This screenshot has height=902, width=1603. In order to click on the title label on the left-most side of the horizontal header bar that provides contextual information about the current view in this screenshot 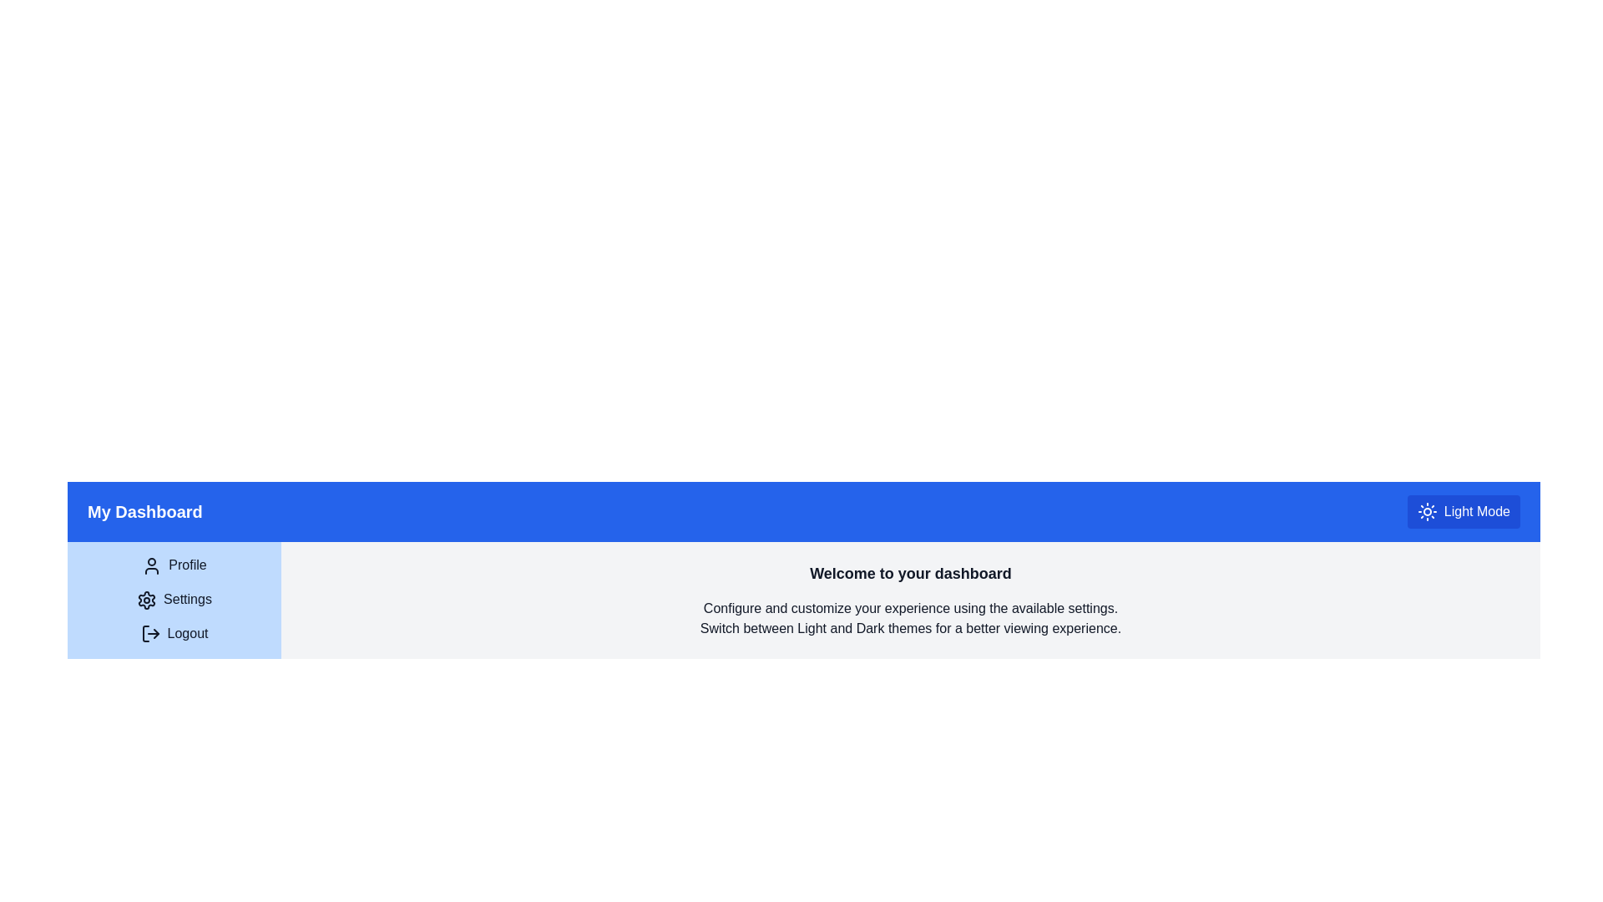, I will do `click(144, 511)`.